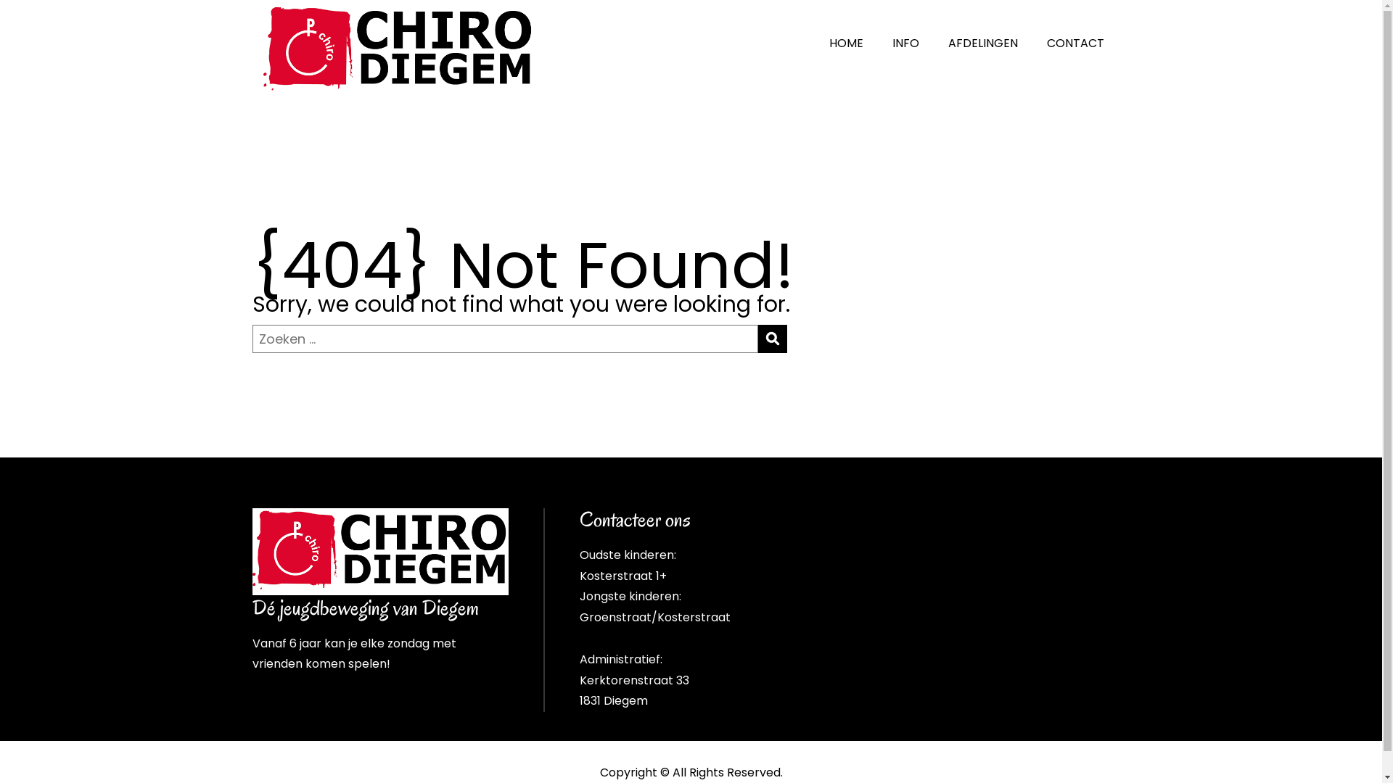  I want to click on 'Chiro Diegem', so click(380, 551).